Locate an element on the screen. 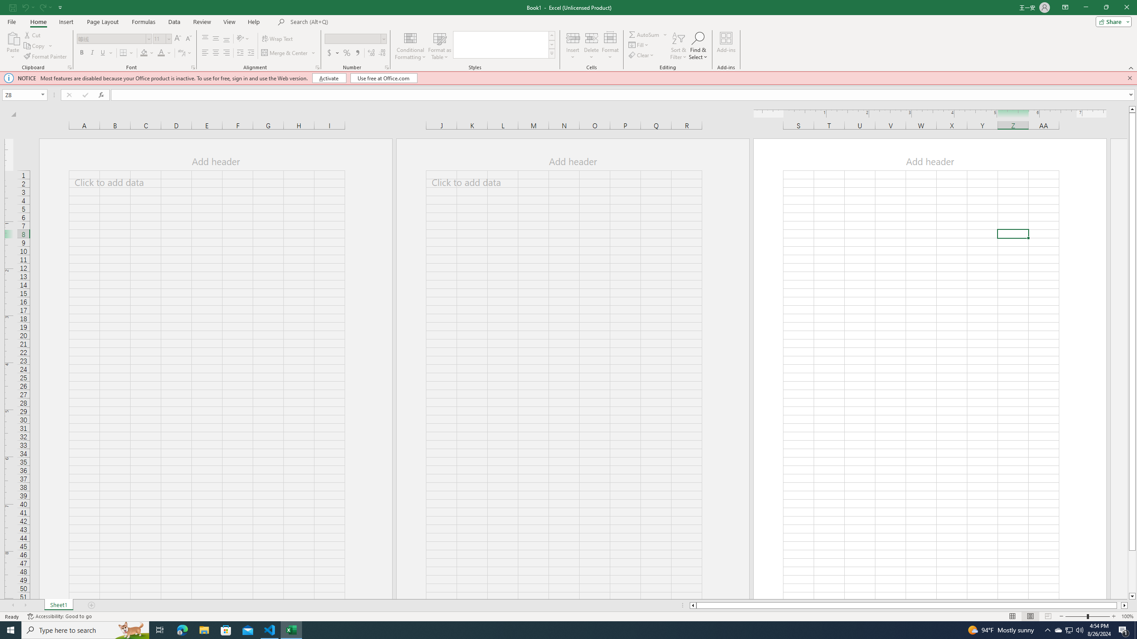 The image size is (1137, 639). 'Delete' is located at coordinates (592, 46).